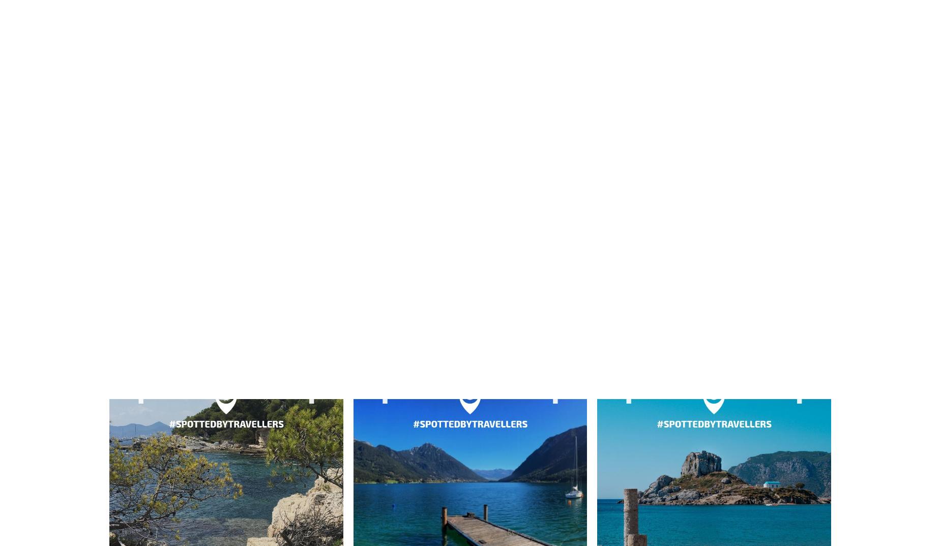 Image resolution: width=941 pixels, height=546 pixels. What do you see at coordinates (469, 65) in the screenshot?
I see `'Spotted par Cathy’s Adventure'` at bounding box center [469, 65].